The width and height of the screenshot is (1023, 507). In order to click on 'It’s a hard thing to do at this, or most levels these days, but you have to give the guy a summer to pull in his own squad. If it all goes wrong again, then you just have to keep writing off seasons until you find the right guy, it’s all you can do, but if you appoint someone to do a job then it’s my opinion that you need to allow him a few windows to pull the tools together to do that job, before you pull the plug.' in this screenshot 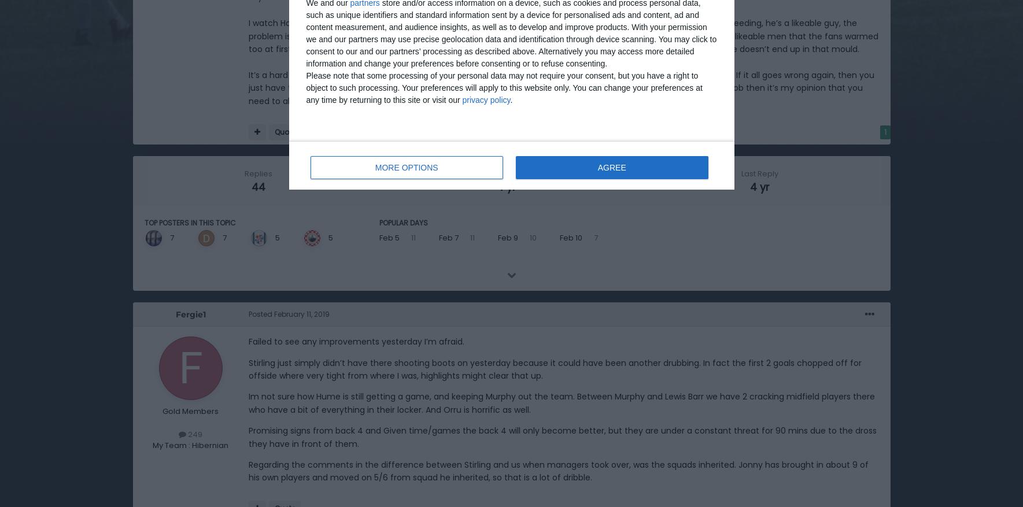, I will do `click(560, 87)`.